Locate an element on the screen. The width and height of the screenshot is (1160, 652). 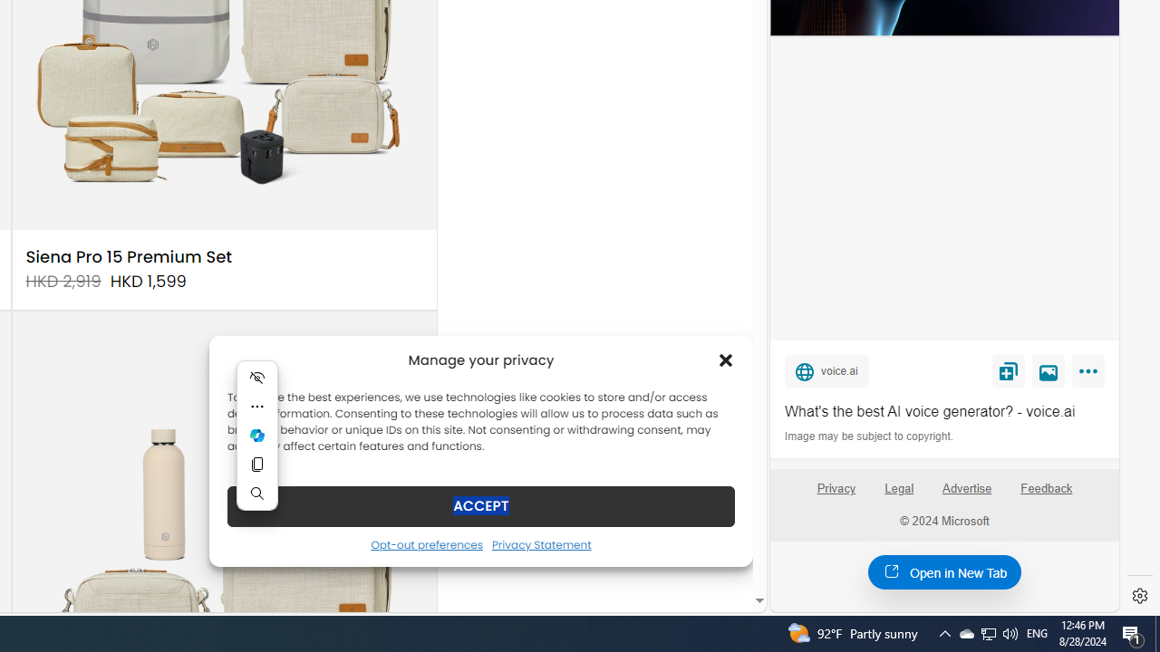
'Advertise' is located at coordinates (965, 487).